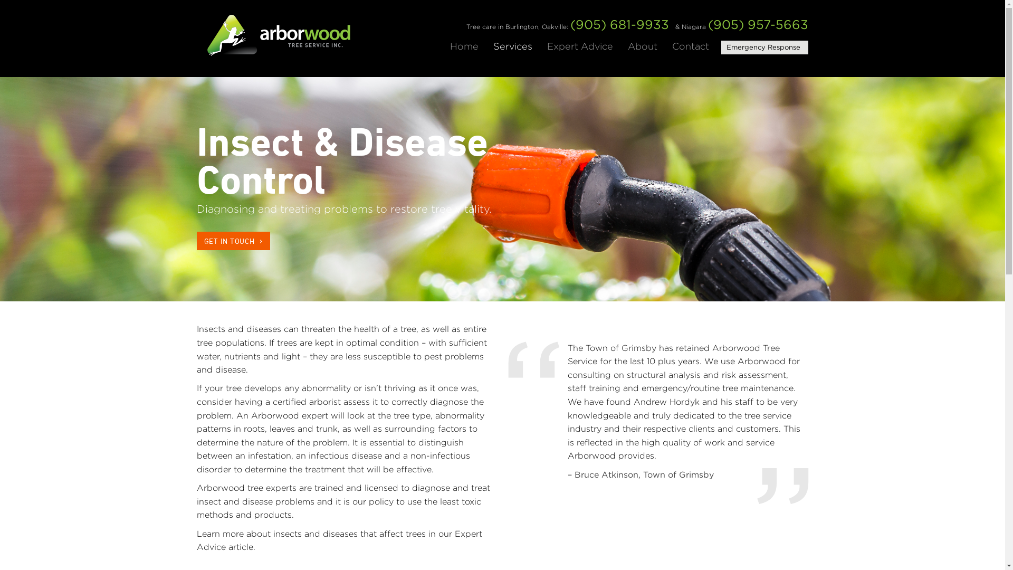 This screenshot has height=570, width=1013. What do you see at coordinates (757, 24) in the screenshot?
I see `'(905) 957-5663'` at bounding box center [757, 24].